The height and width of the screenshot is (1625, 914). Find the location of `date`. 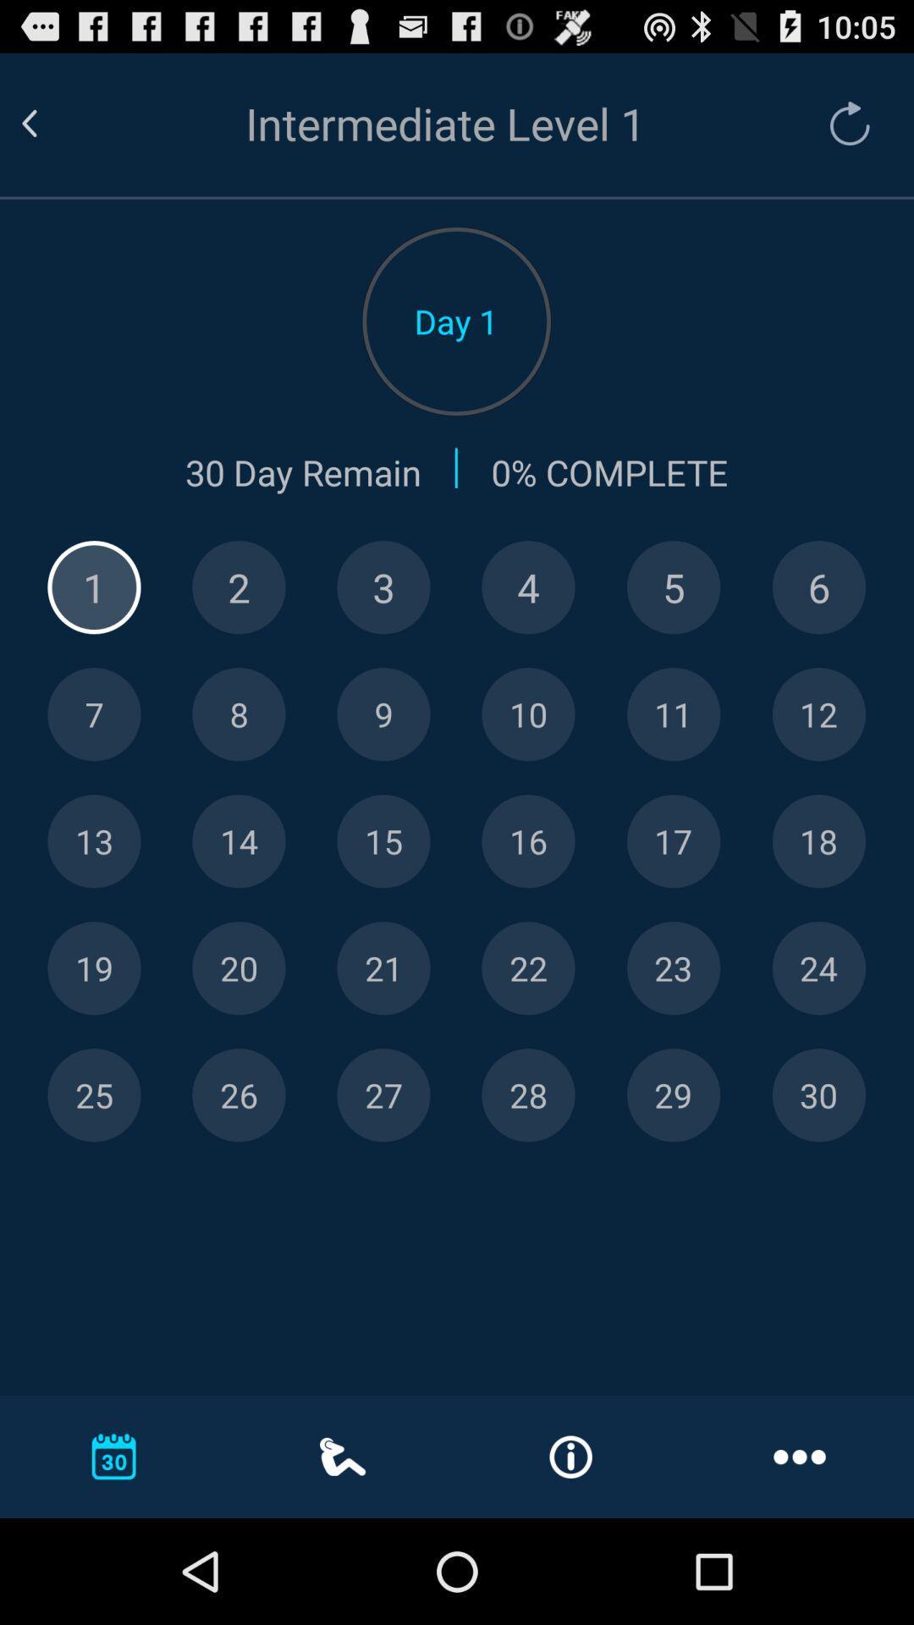

date is located at coordinates (818, 968).